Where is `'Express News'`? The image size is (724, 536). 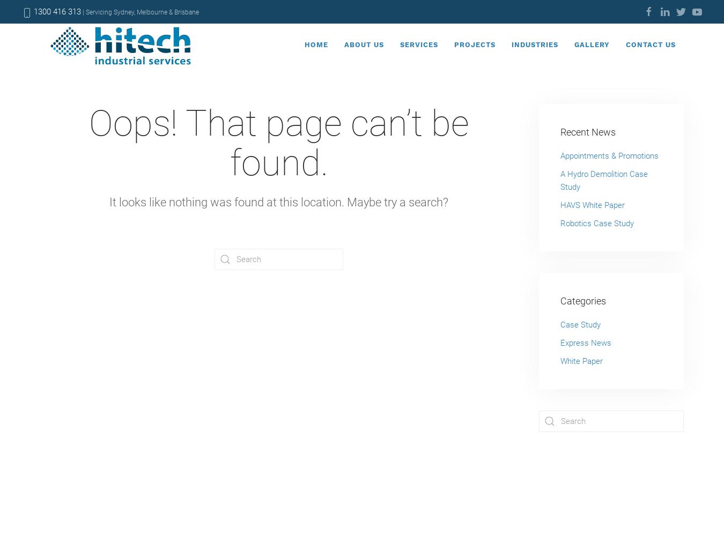 'Express News' is located at coordinates (560, 343).